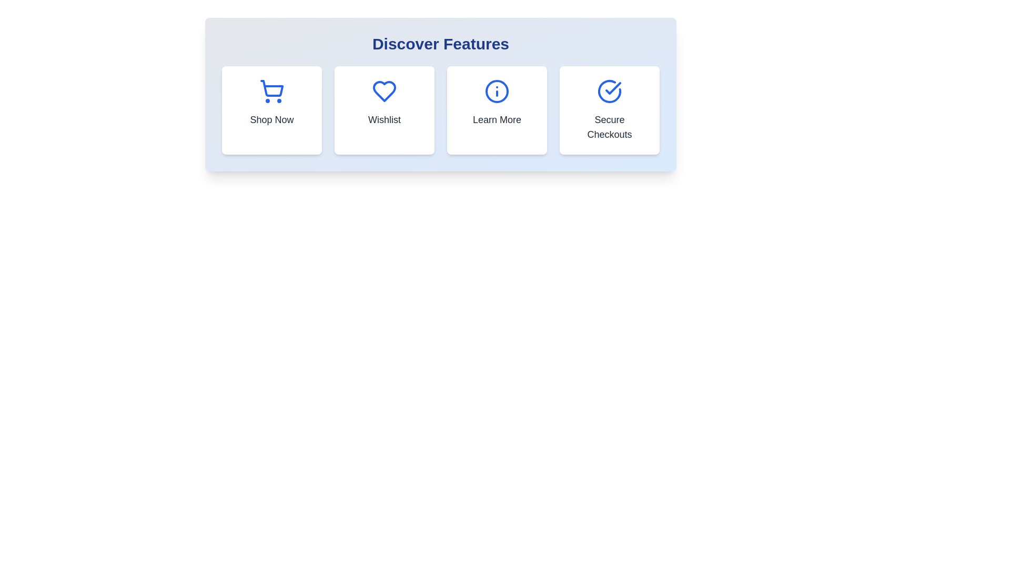 The width and height of the screenshot is (1010, 568). What do you see at coordinates (497, 110) in the screenshot?
I see `the 'Learn More' button, which has a white rectangular background with rounded corners and contains a blue information icon above gray text, located within the 'Discover Features' section` at bounding box center [497, 110].